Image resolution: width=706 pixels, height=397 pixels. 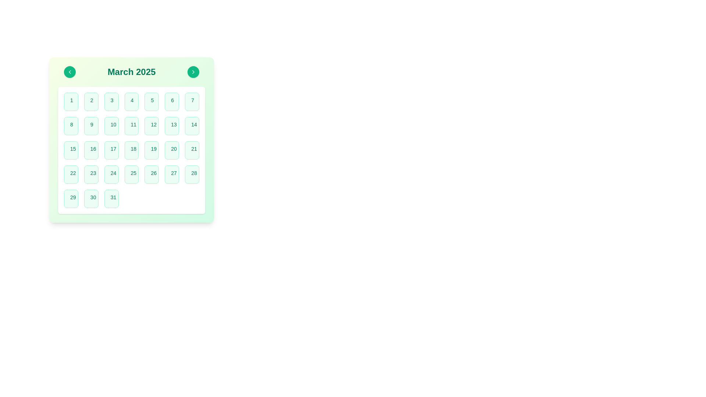 What do you see at coordinates (132, 102) in the screenshot?
I see `the Calendar date cell displaying the digit '4'` at bounding box center [132, 102].